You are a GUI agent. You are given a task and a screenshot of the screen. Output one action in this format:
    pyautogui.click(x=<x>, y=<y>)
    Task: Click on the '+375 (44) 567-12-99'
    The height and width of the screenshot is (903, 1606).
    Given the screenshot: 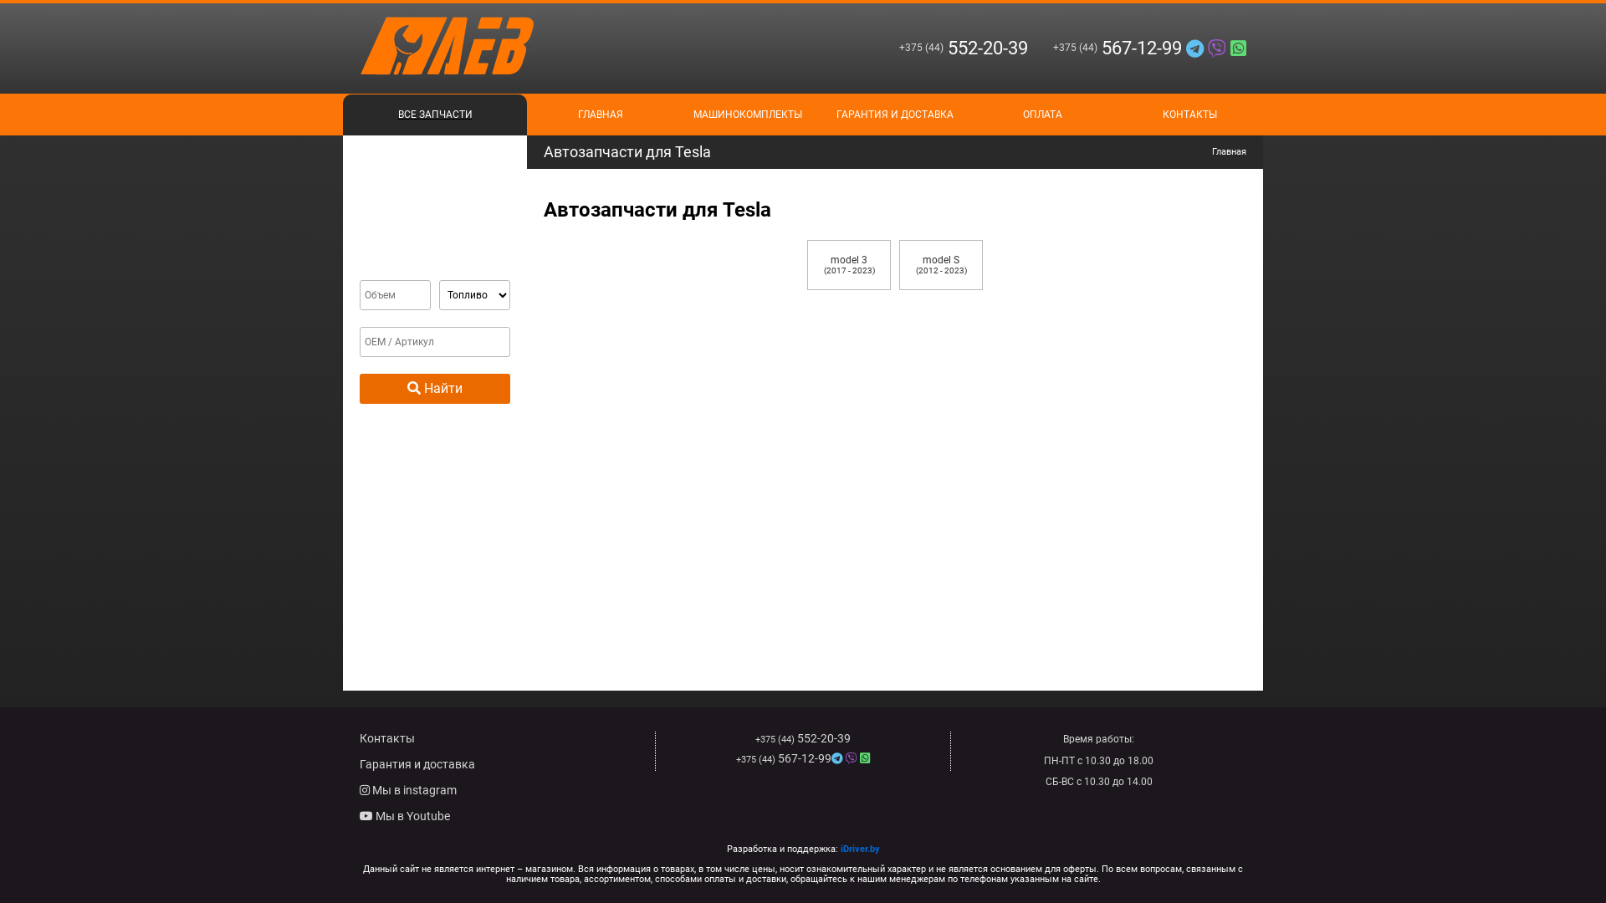 What is the action you would take?
    pyautogui.click(x=735, y=758)
    